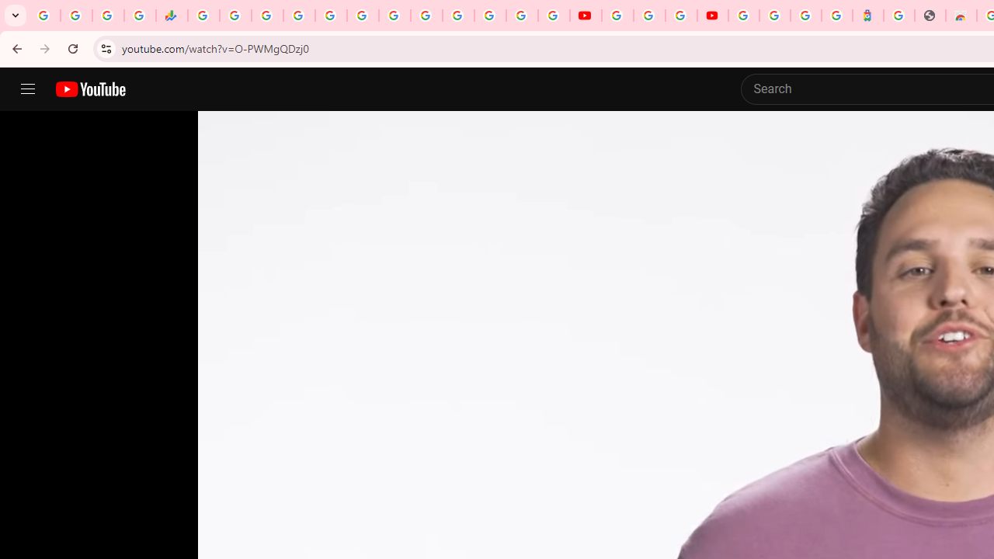 This screenshot has width=994, height=559. What do you see at coordinates (867, 16) in the screenshot?
I see `'Atour Hotel - Google hotels'` at bounding box center [867, 16].